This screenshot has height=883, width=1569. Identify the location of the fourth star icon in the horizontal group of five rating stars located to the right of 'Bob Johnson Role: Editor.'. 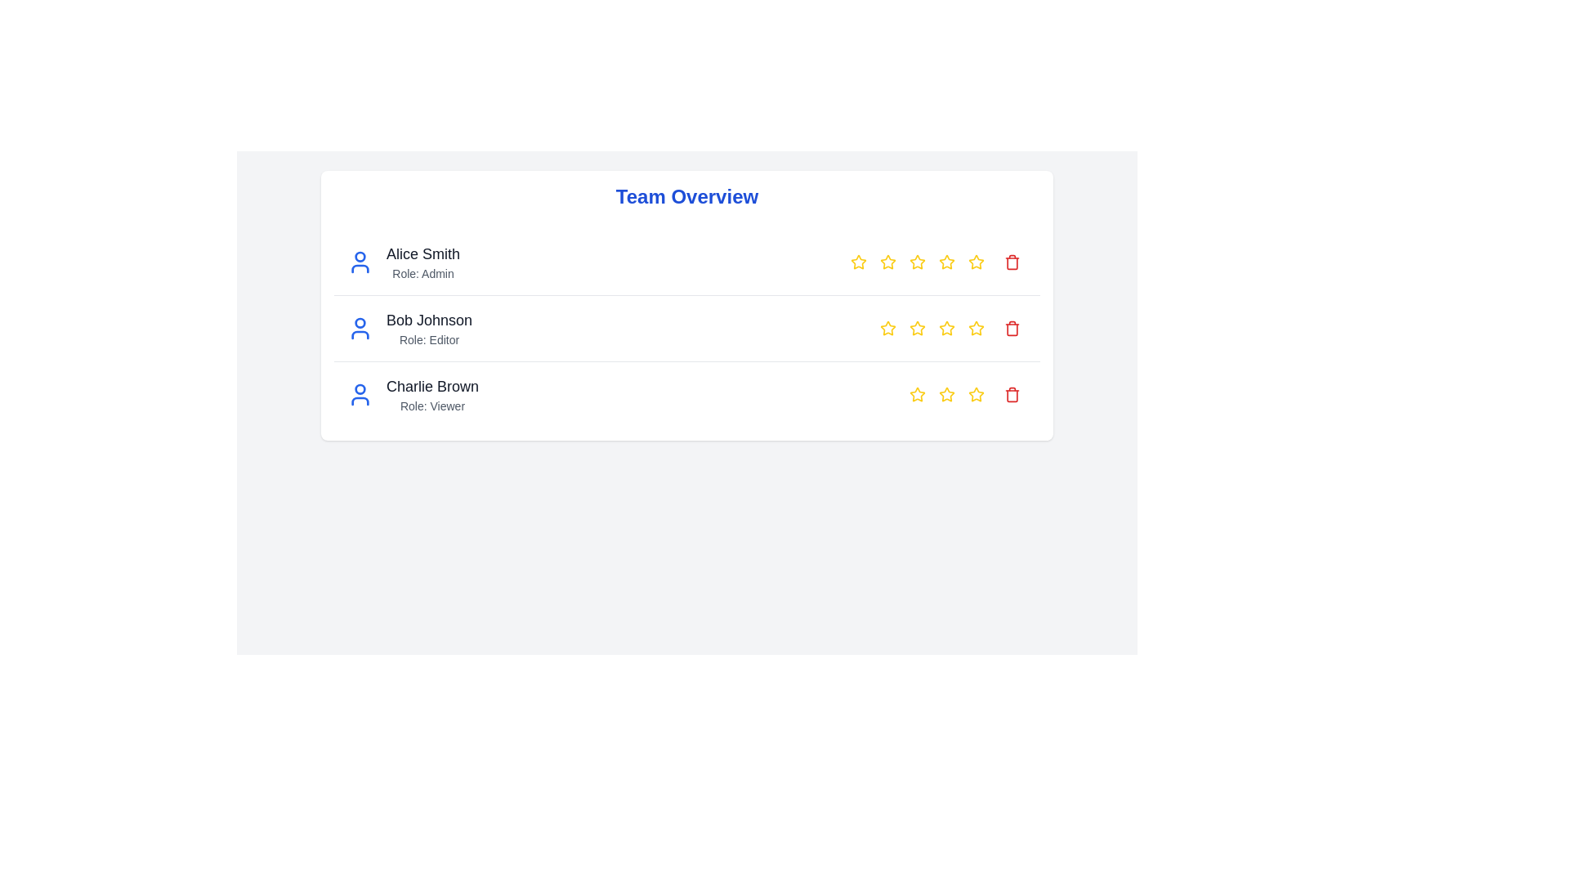
(946, 328).